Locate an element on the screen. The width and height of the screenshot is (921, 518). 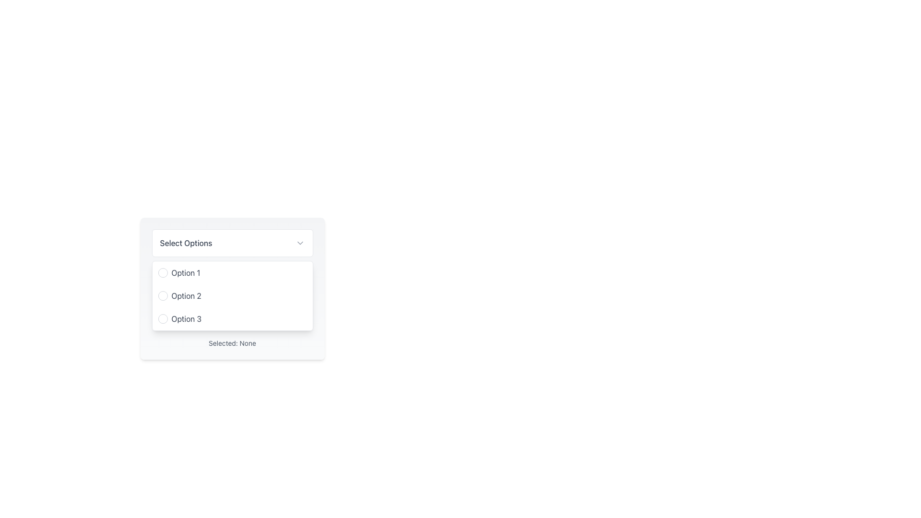
the radio button located to the left of the text 'Option 3' in the dropdown menu is located at coordinates (163, 318).